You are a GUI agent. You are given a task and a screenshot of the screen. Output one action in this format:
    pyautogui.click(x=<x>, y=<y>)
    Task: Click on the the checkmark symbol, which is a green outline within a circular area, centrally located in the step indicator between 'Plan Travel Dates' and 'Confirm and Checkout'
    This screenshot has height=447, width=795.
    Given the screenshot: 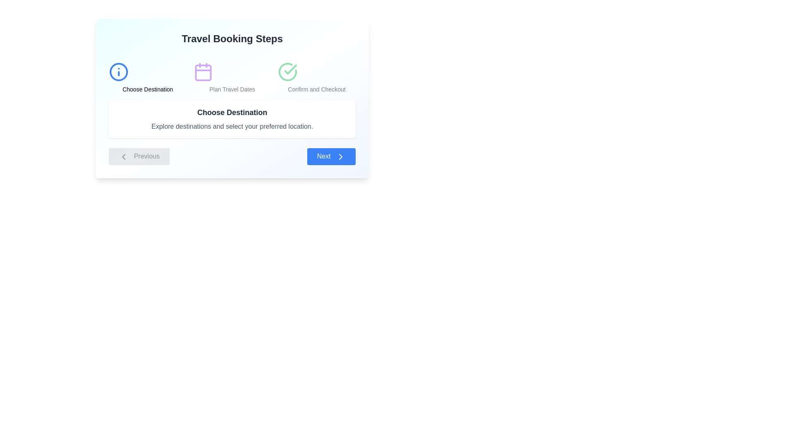 What is the action you would take?
    pyautogui.click(x=290, y=69)
    